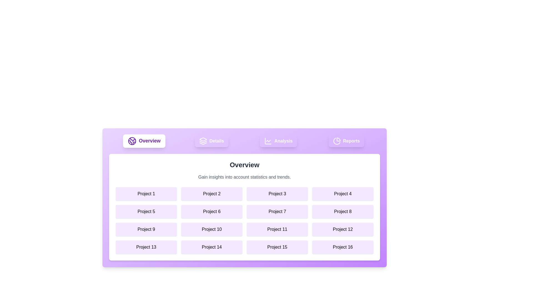 The image size is (533, 300). I want to click on the element labeled Overview, so click(144, 141).